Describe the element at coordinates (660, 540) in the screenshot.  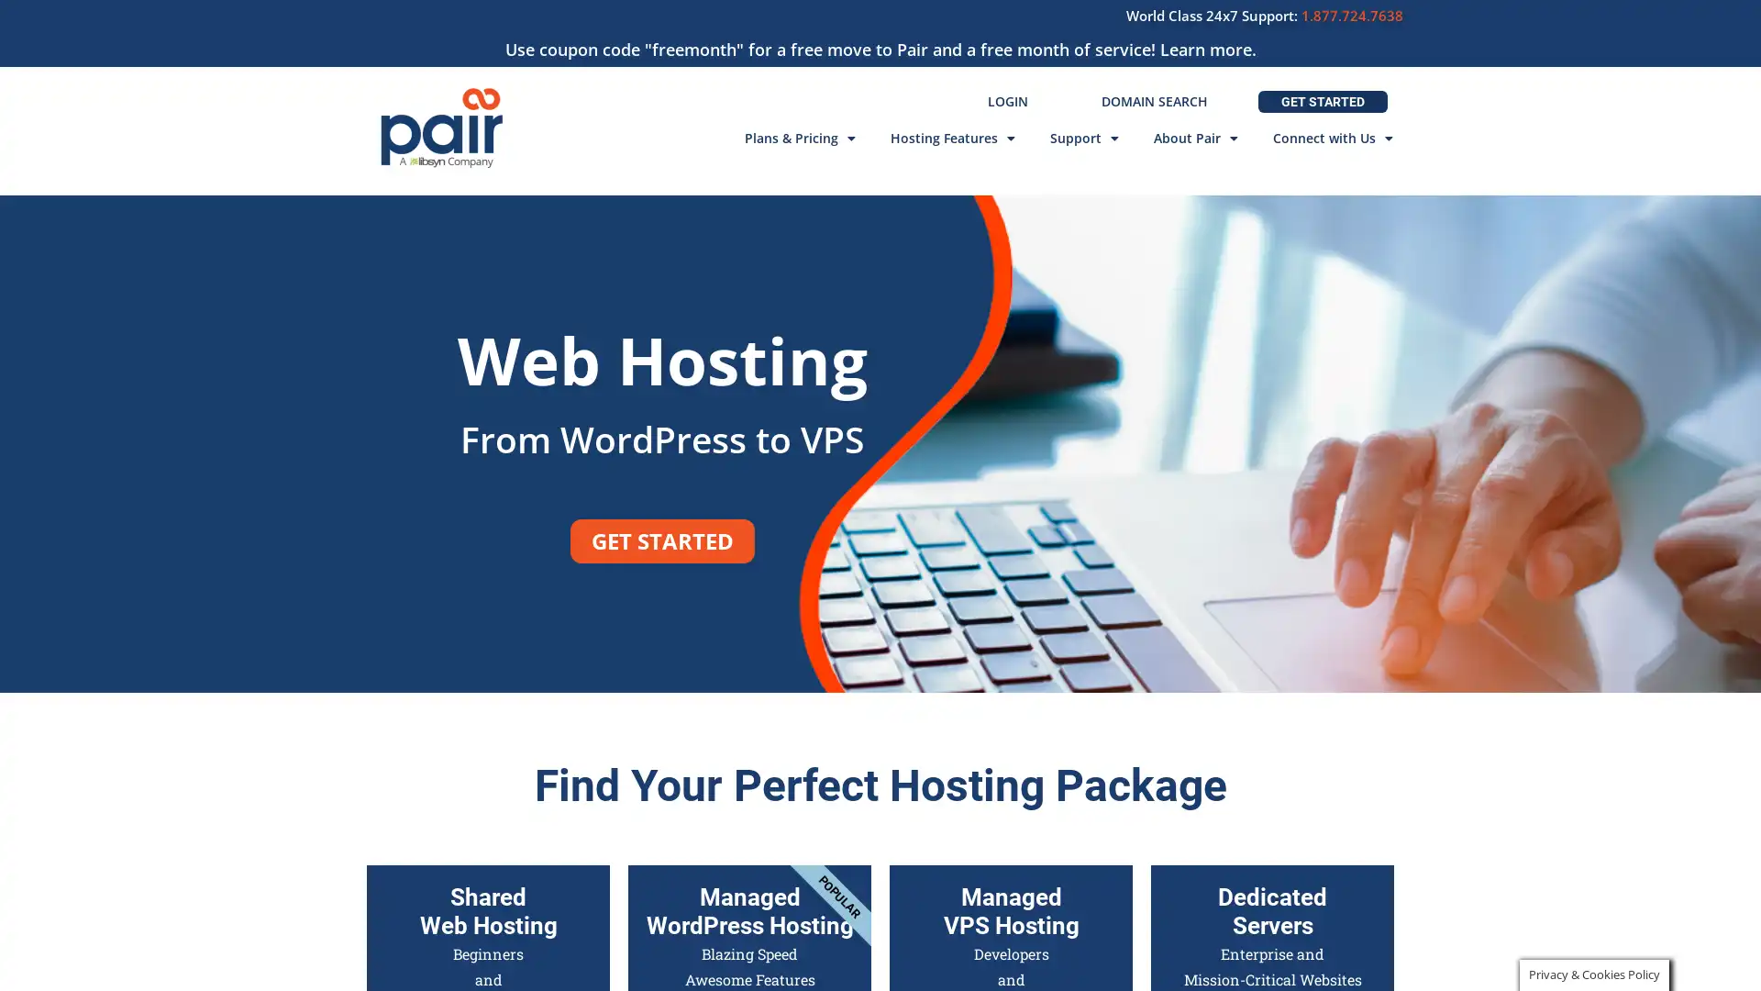
I see `GET STARTED` at that location.